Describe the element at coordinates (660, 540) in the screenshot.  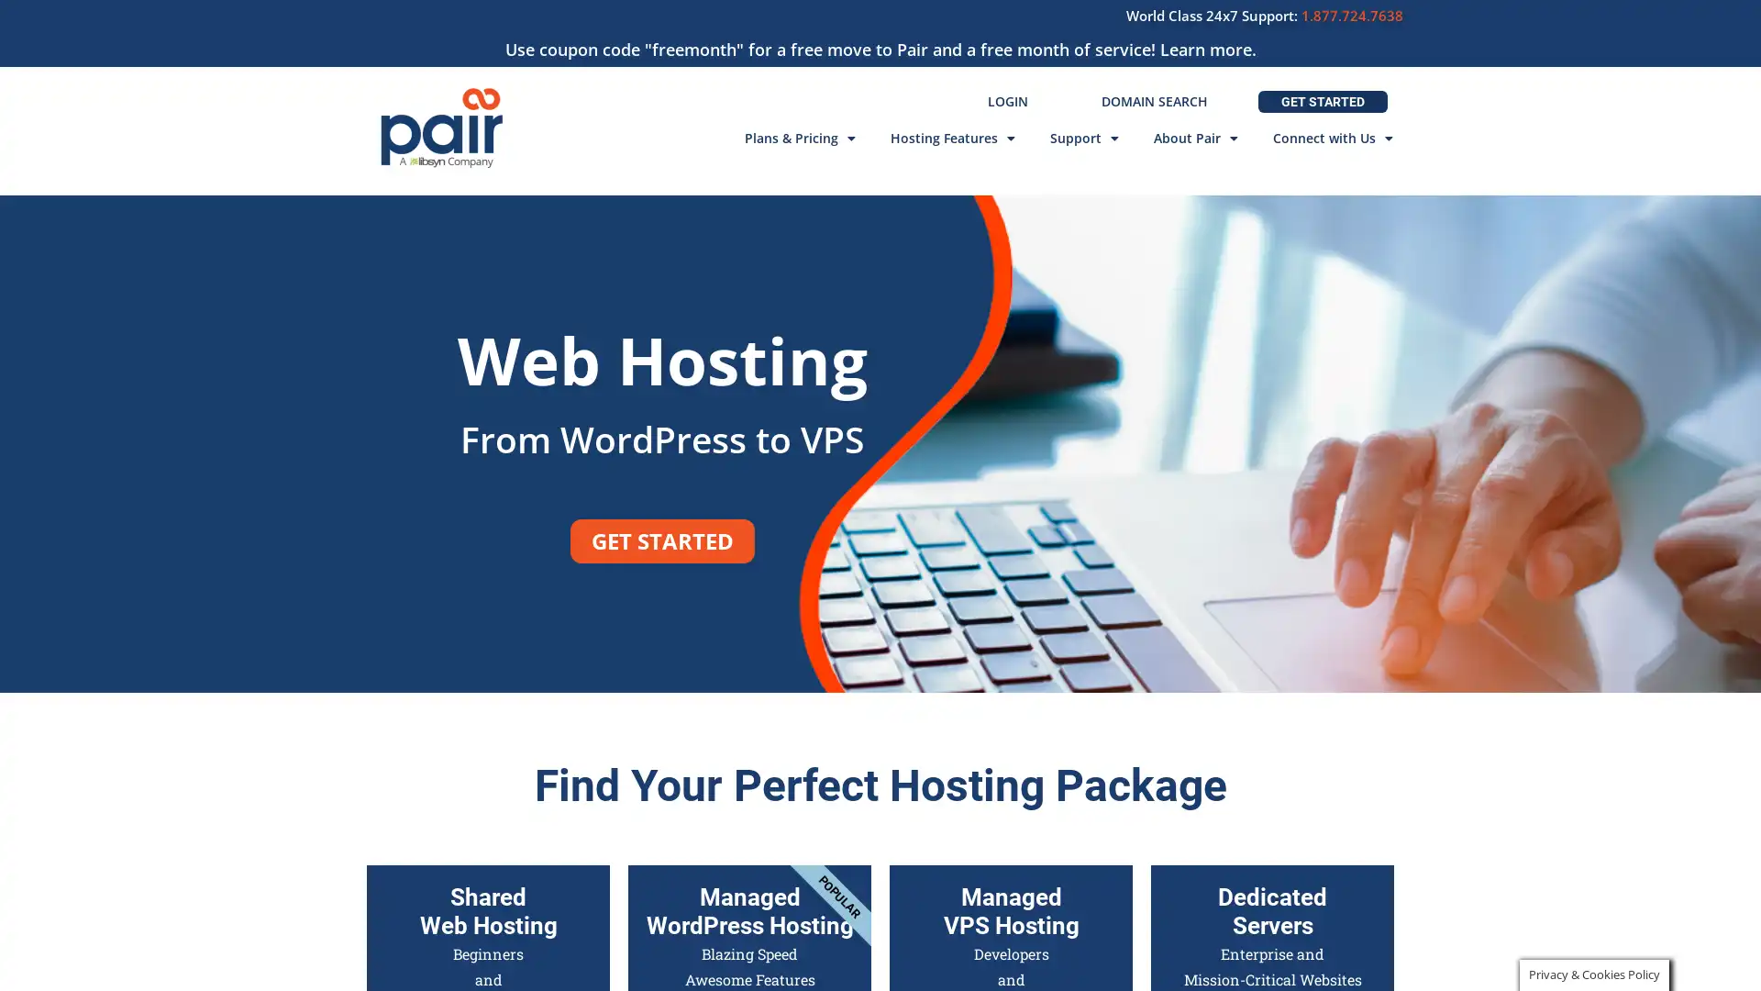
I see `GET STARTED` at that location.